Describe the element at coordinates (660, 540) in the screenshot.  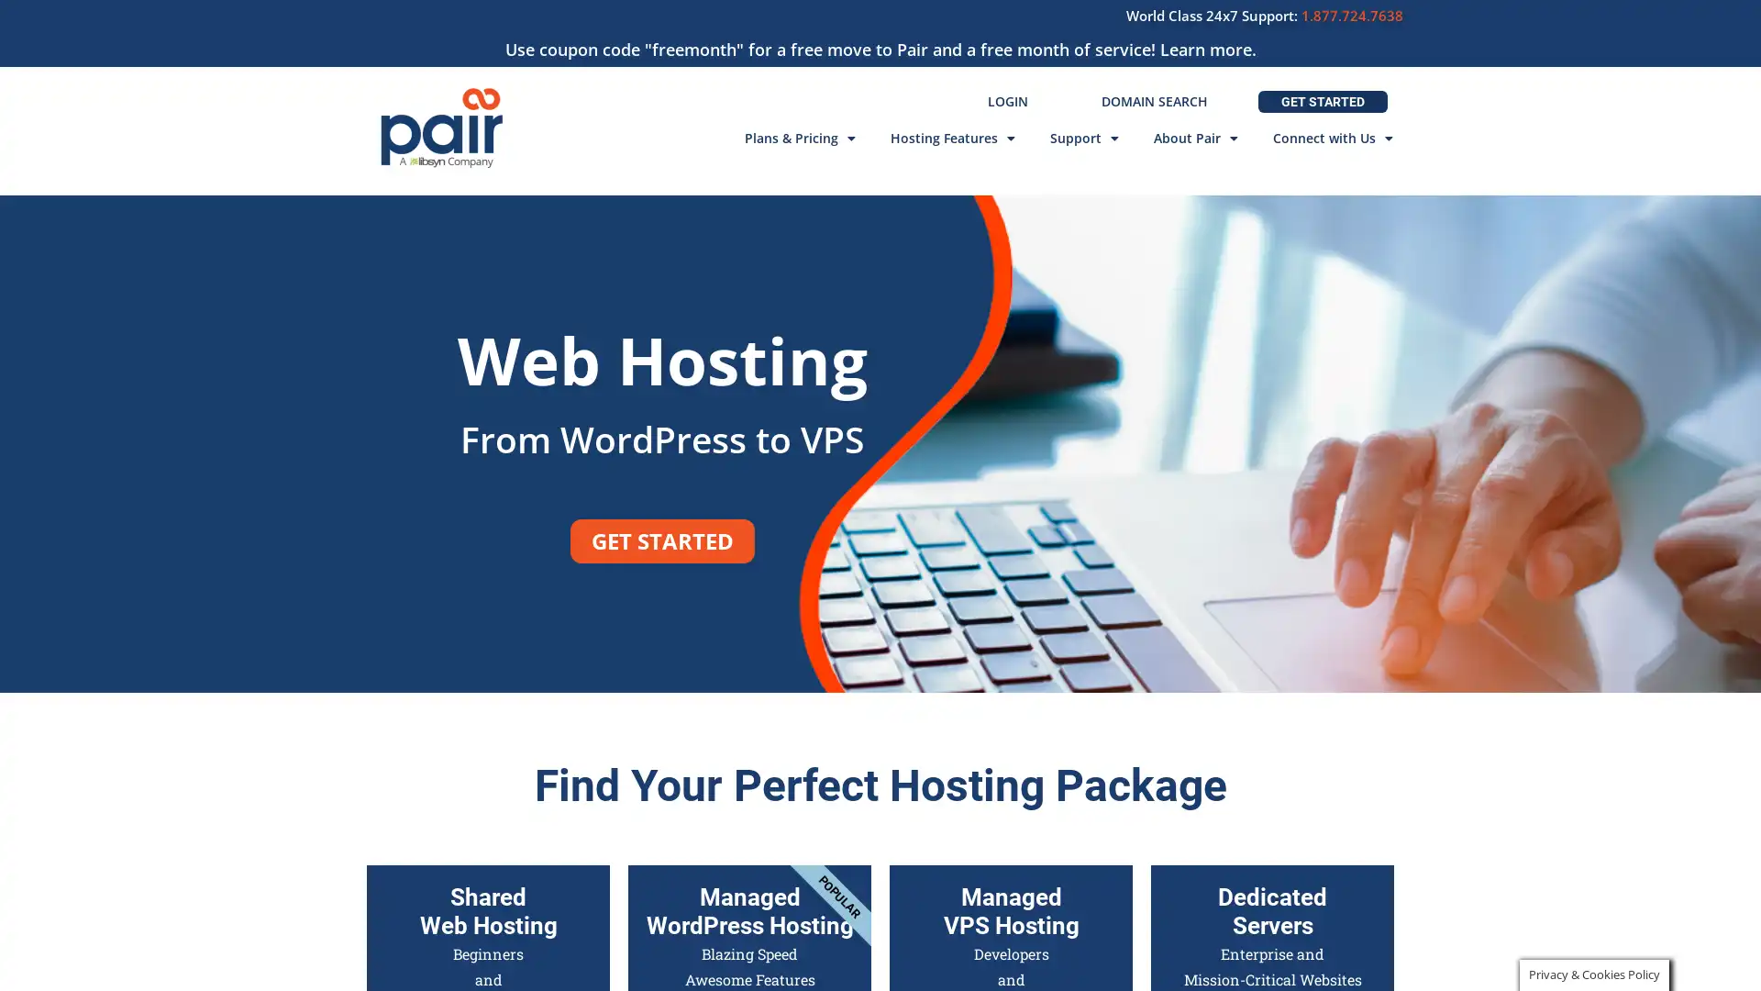
I see `GET STARTED` at that location.